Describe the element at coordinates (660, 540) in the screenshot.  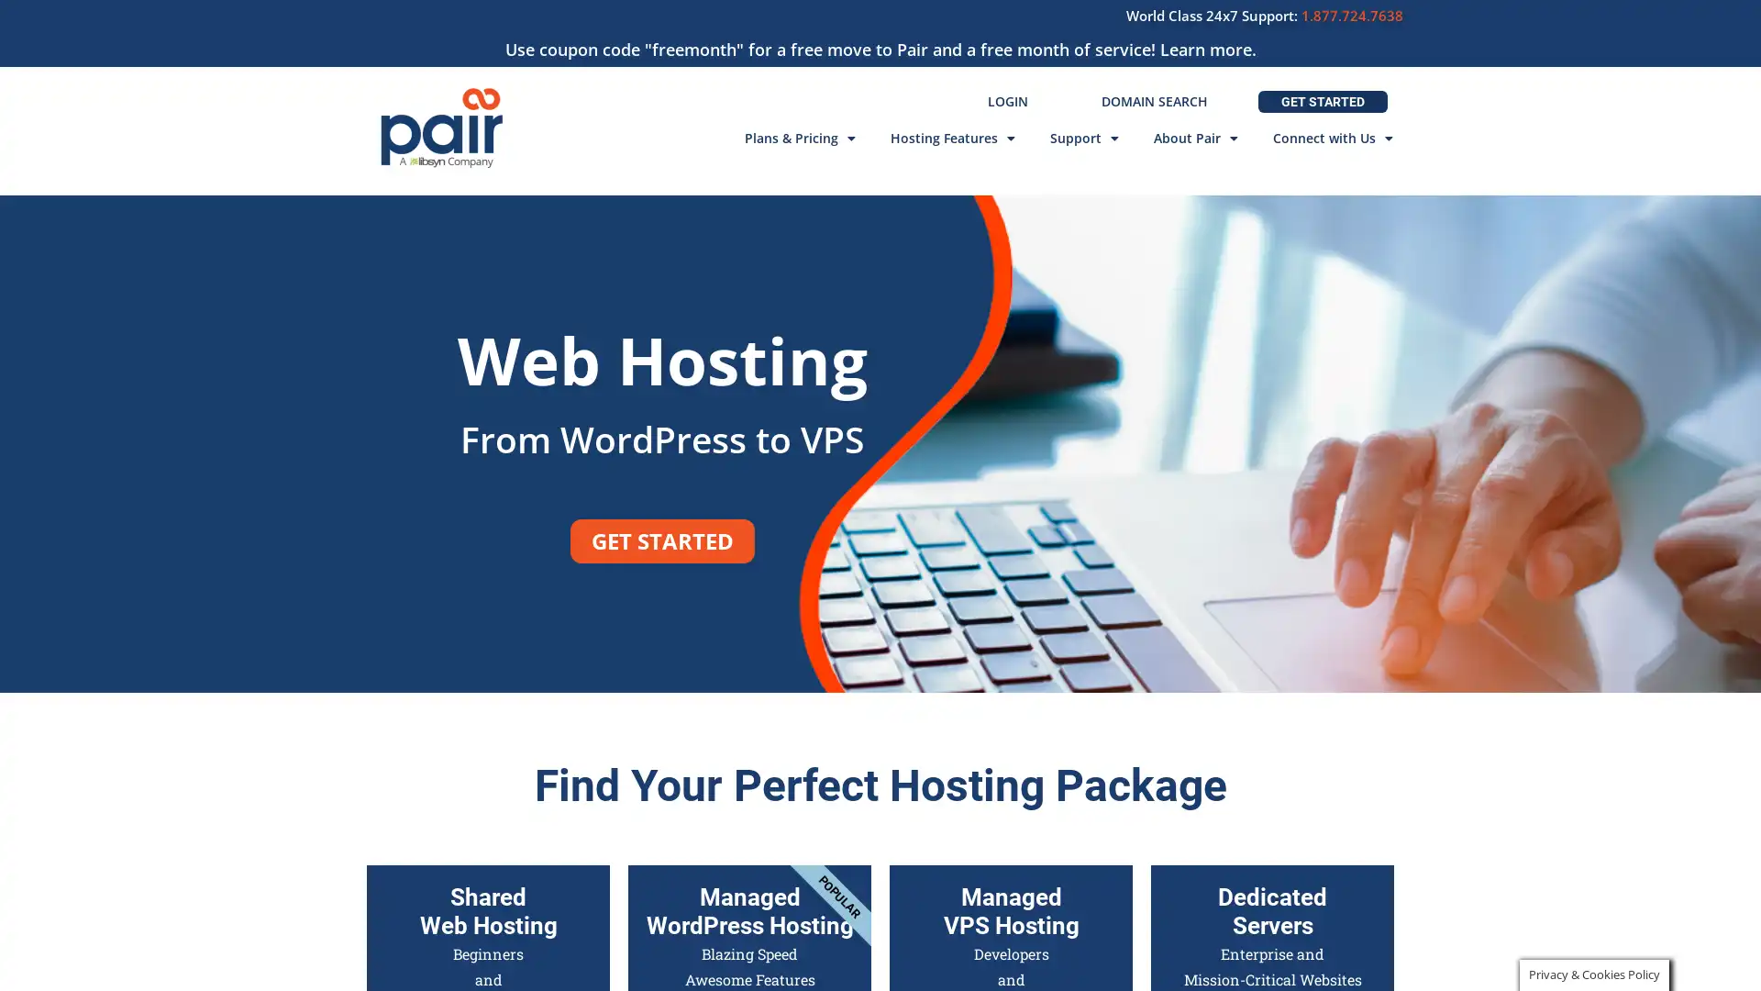
I see `GET STARTED` at that location.